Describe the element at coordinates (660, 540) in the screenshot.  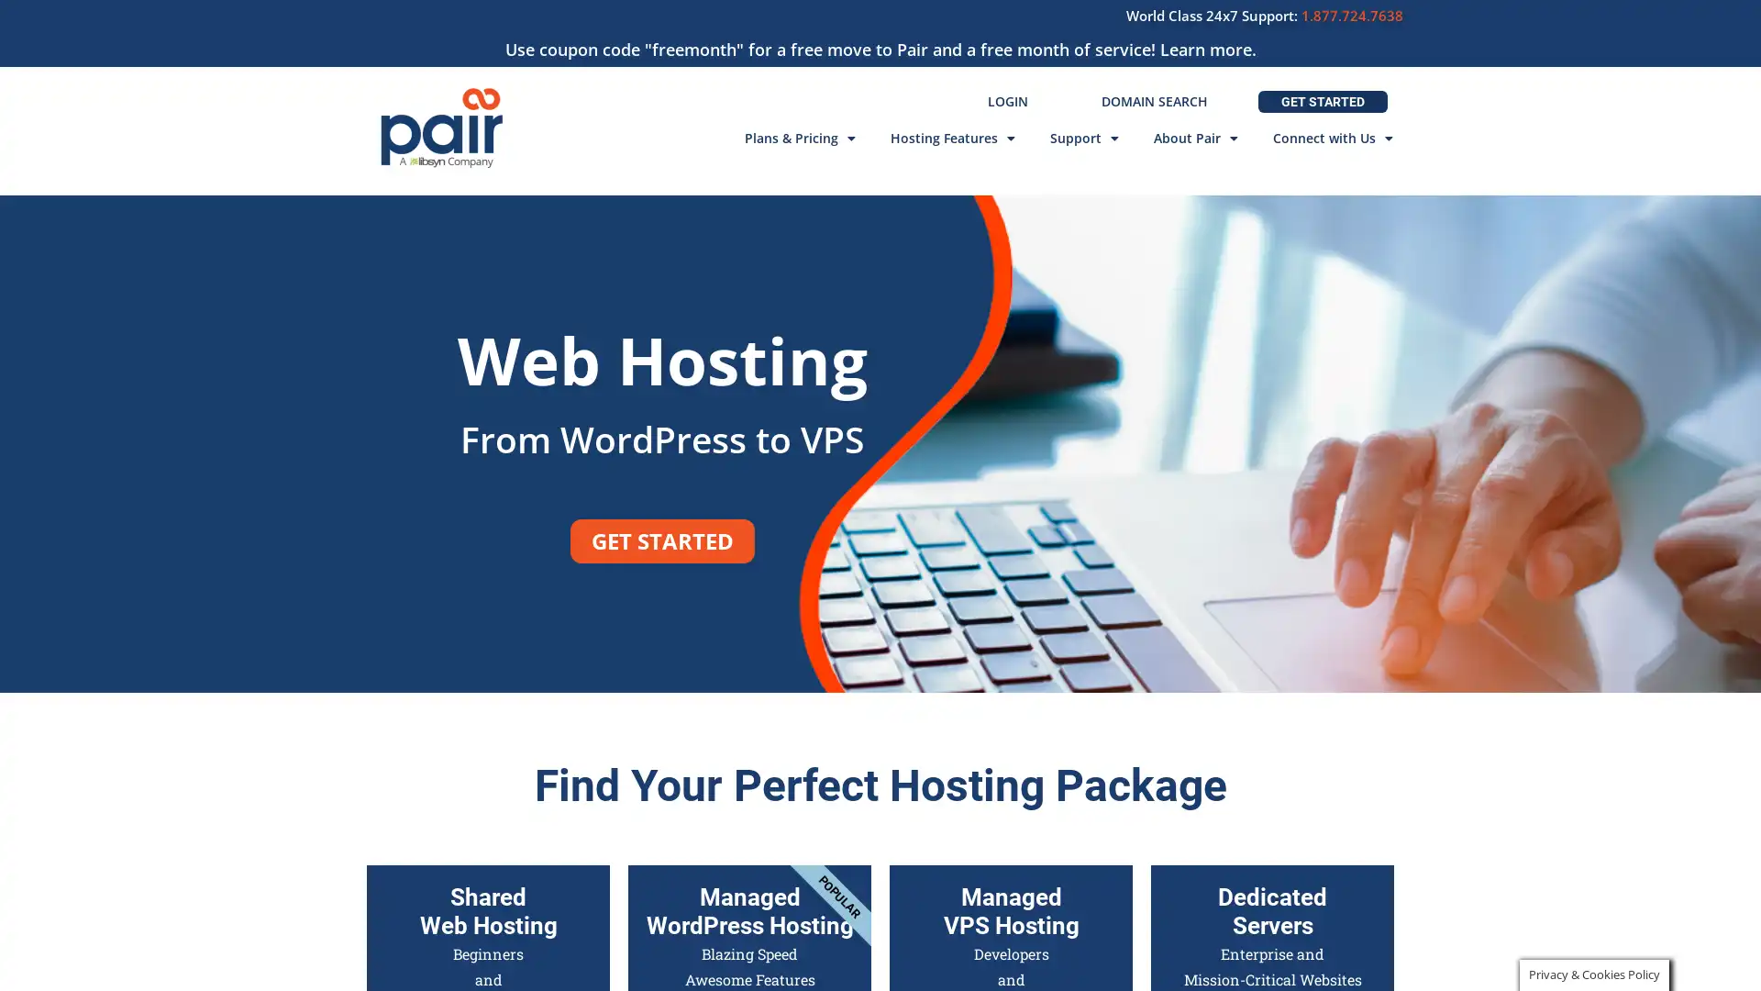
I see `GET STARTED` at that location.